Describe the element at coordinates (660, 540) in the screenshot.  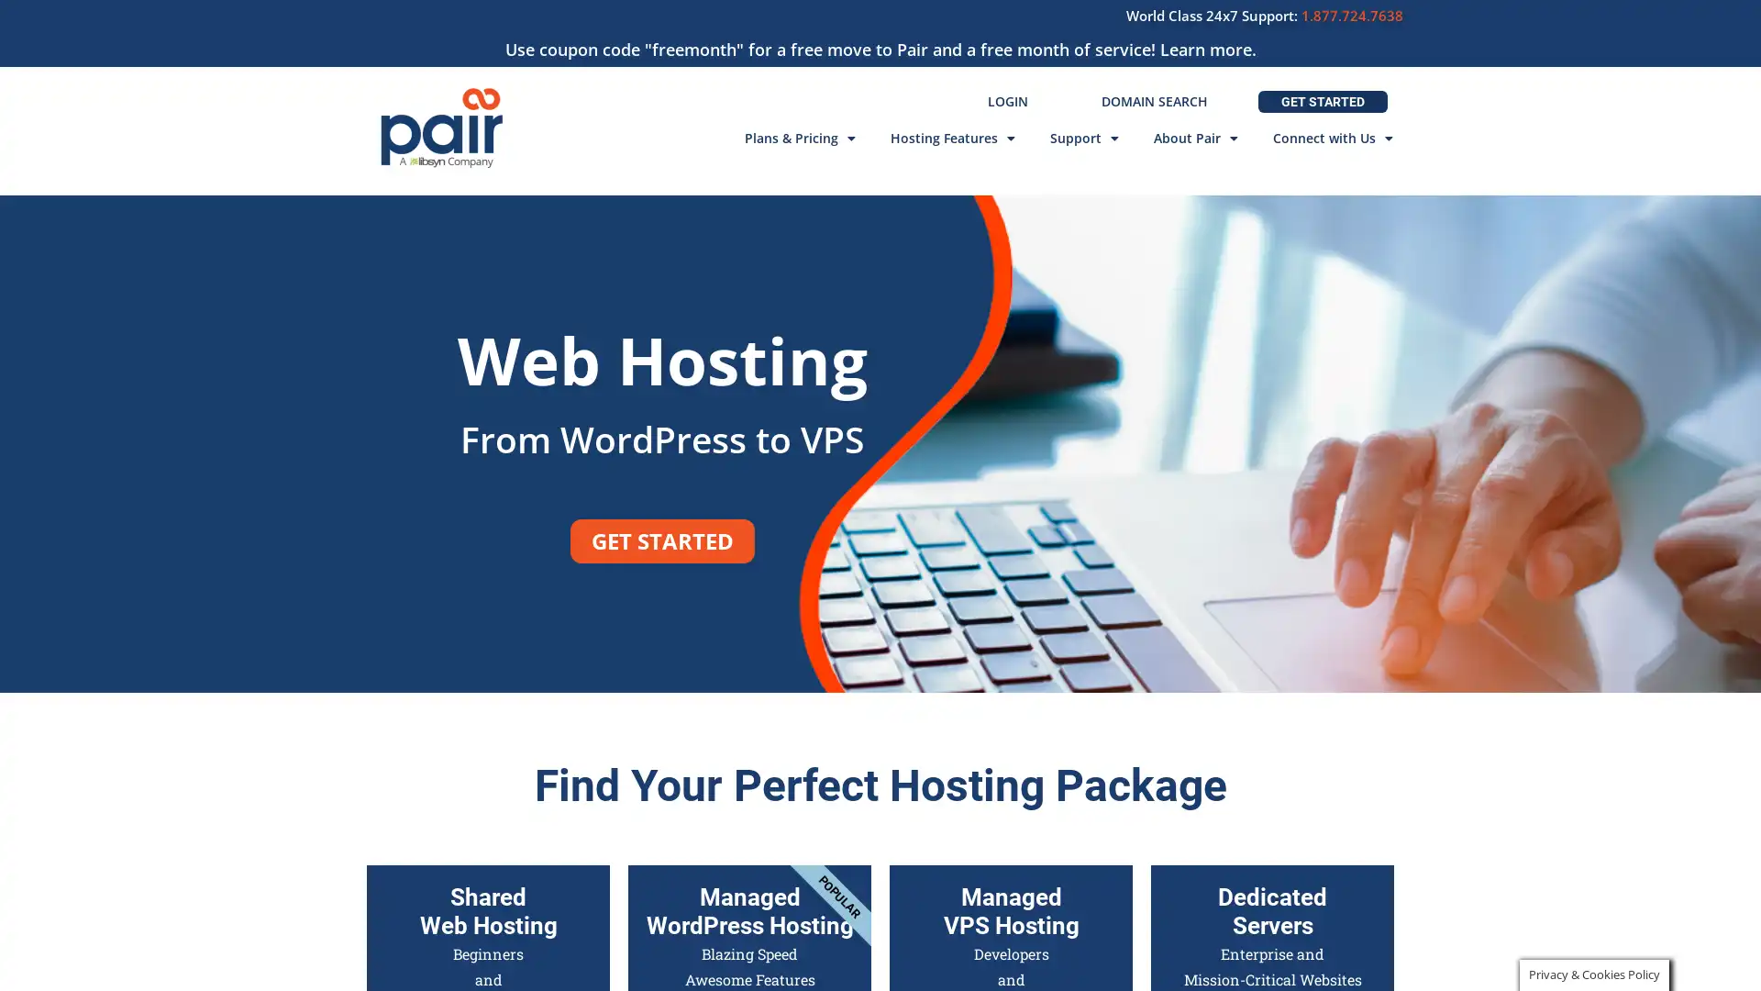
I see `GET STARTED` at that location.